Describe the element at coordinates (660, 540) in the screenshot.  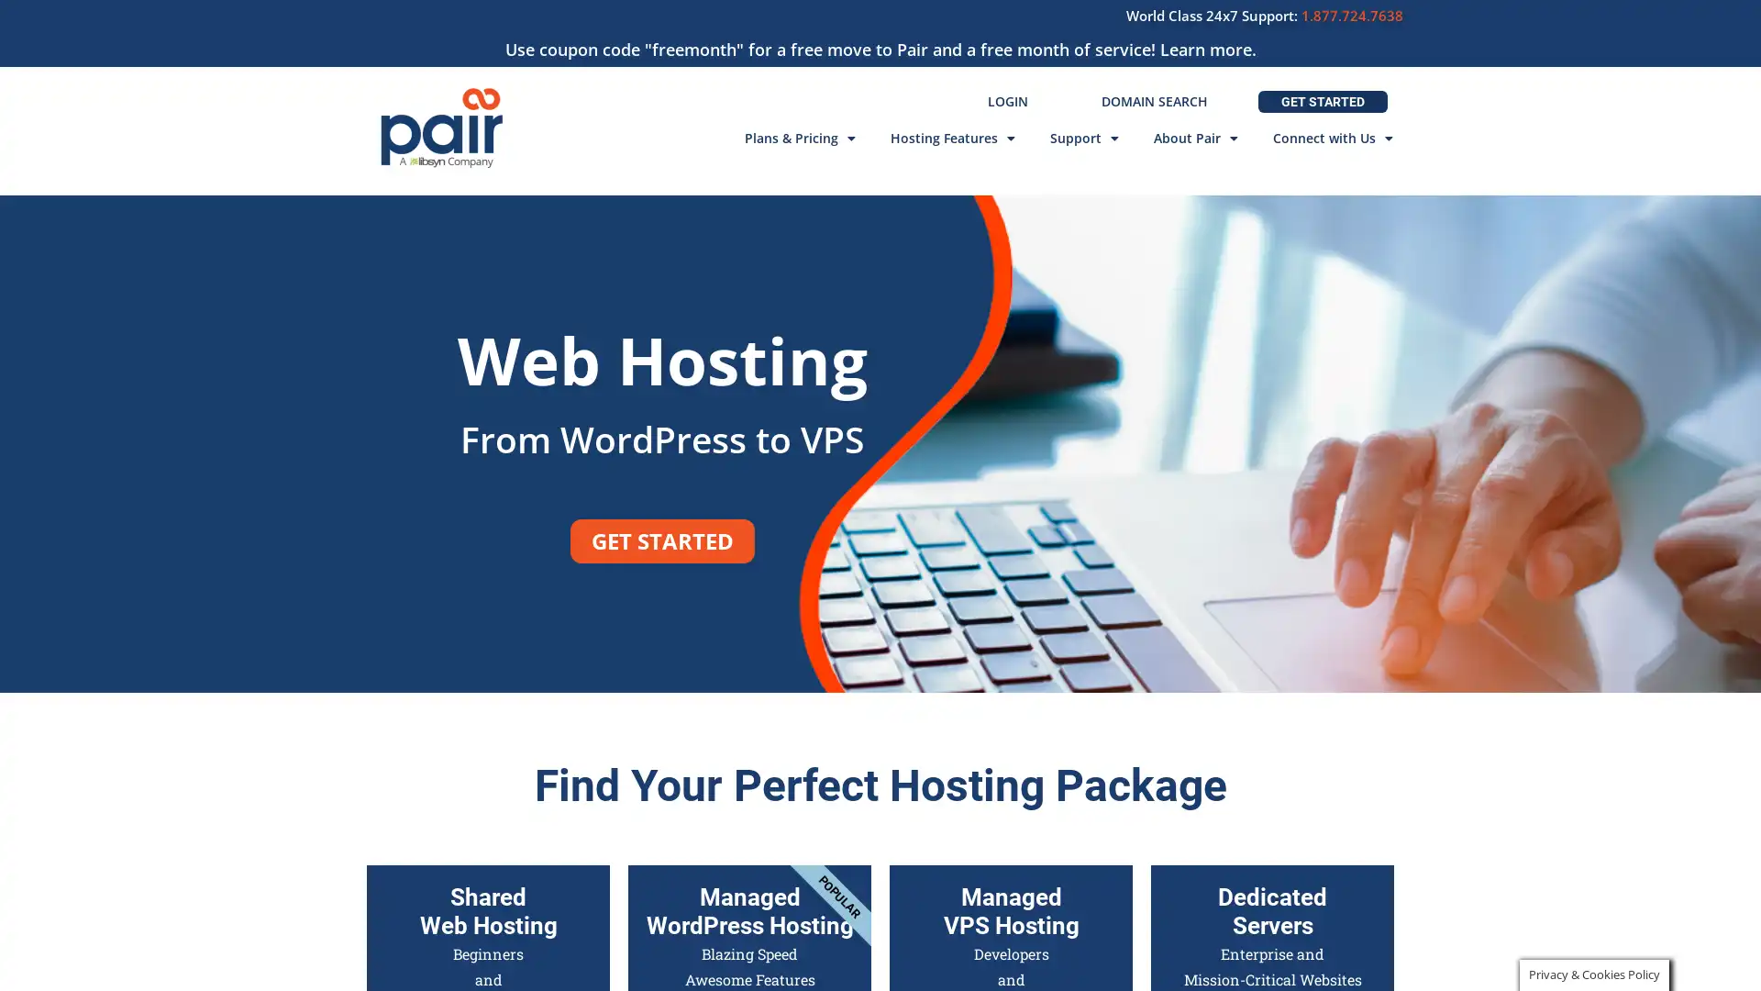
I see `GET STARTED` at that location.